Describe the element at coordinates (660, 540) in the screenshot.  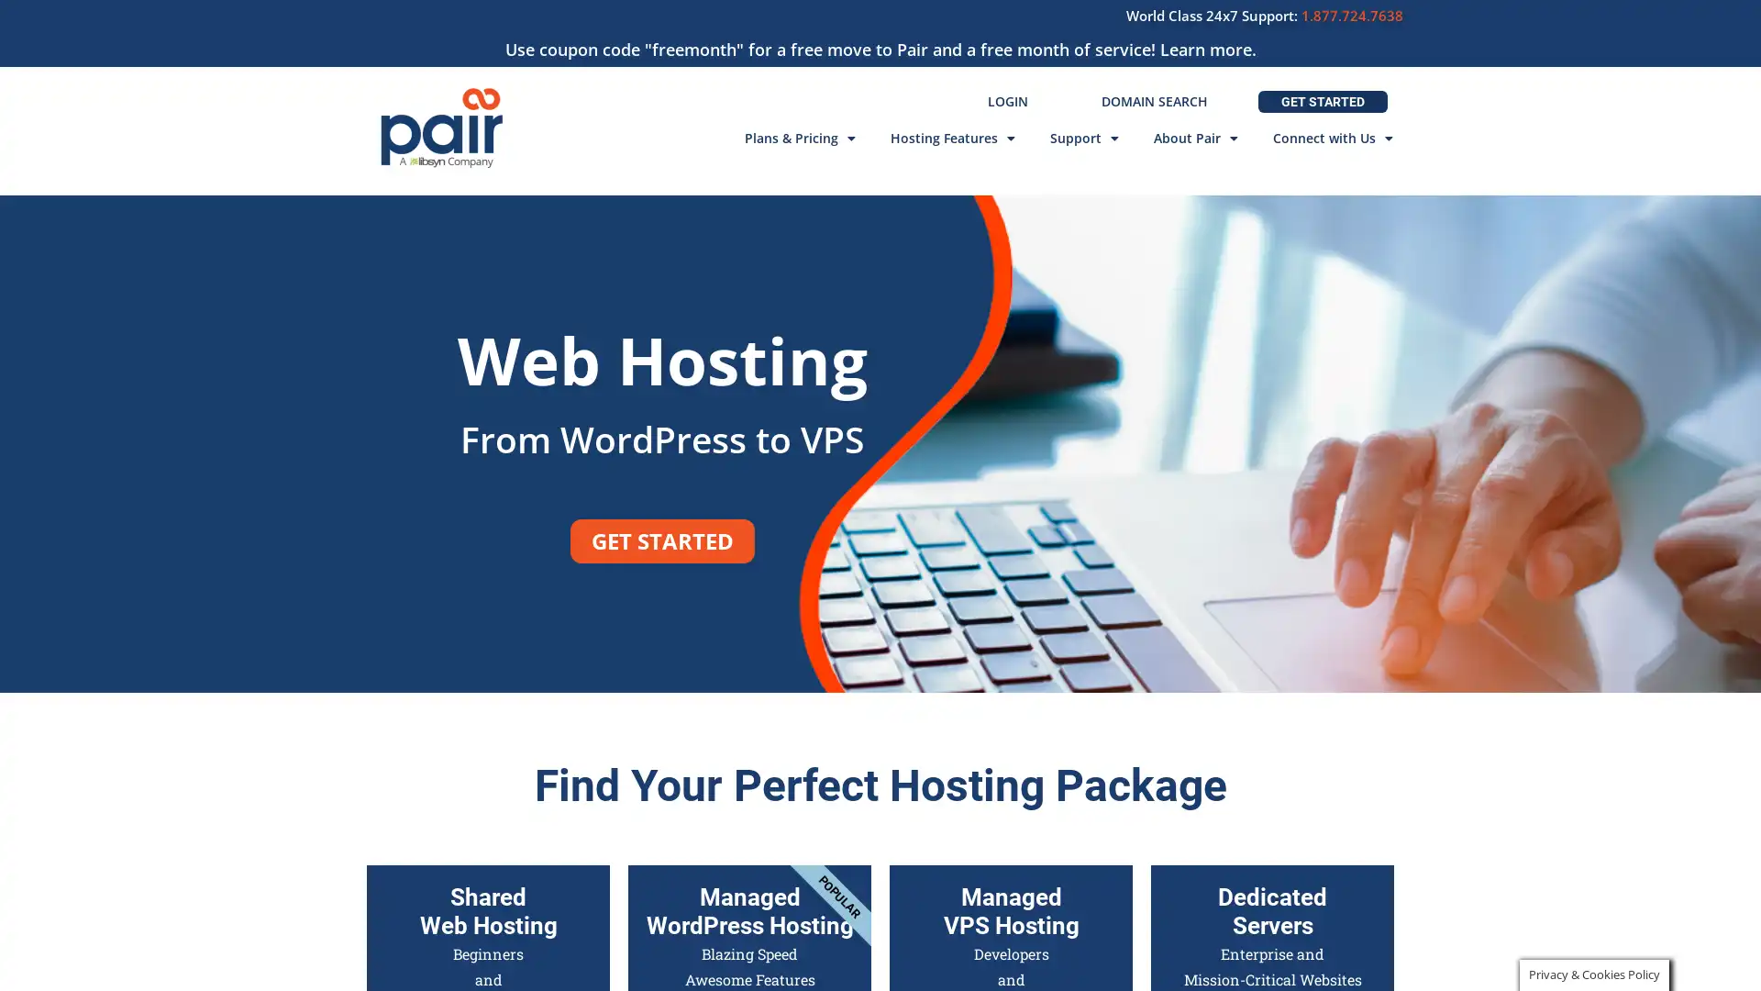
I see `GET STARTED` at that location.